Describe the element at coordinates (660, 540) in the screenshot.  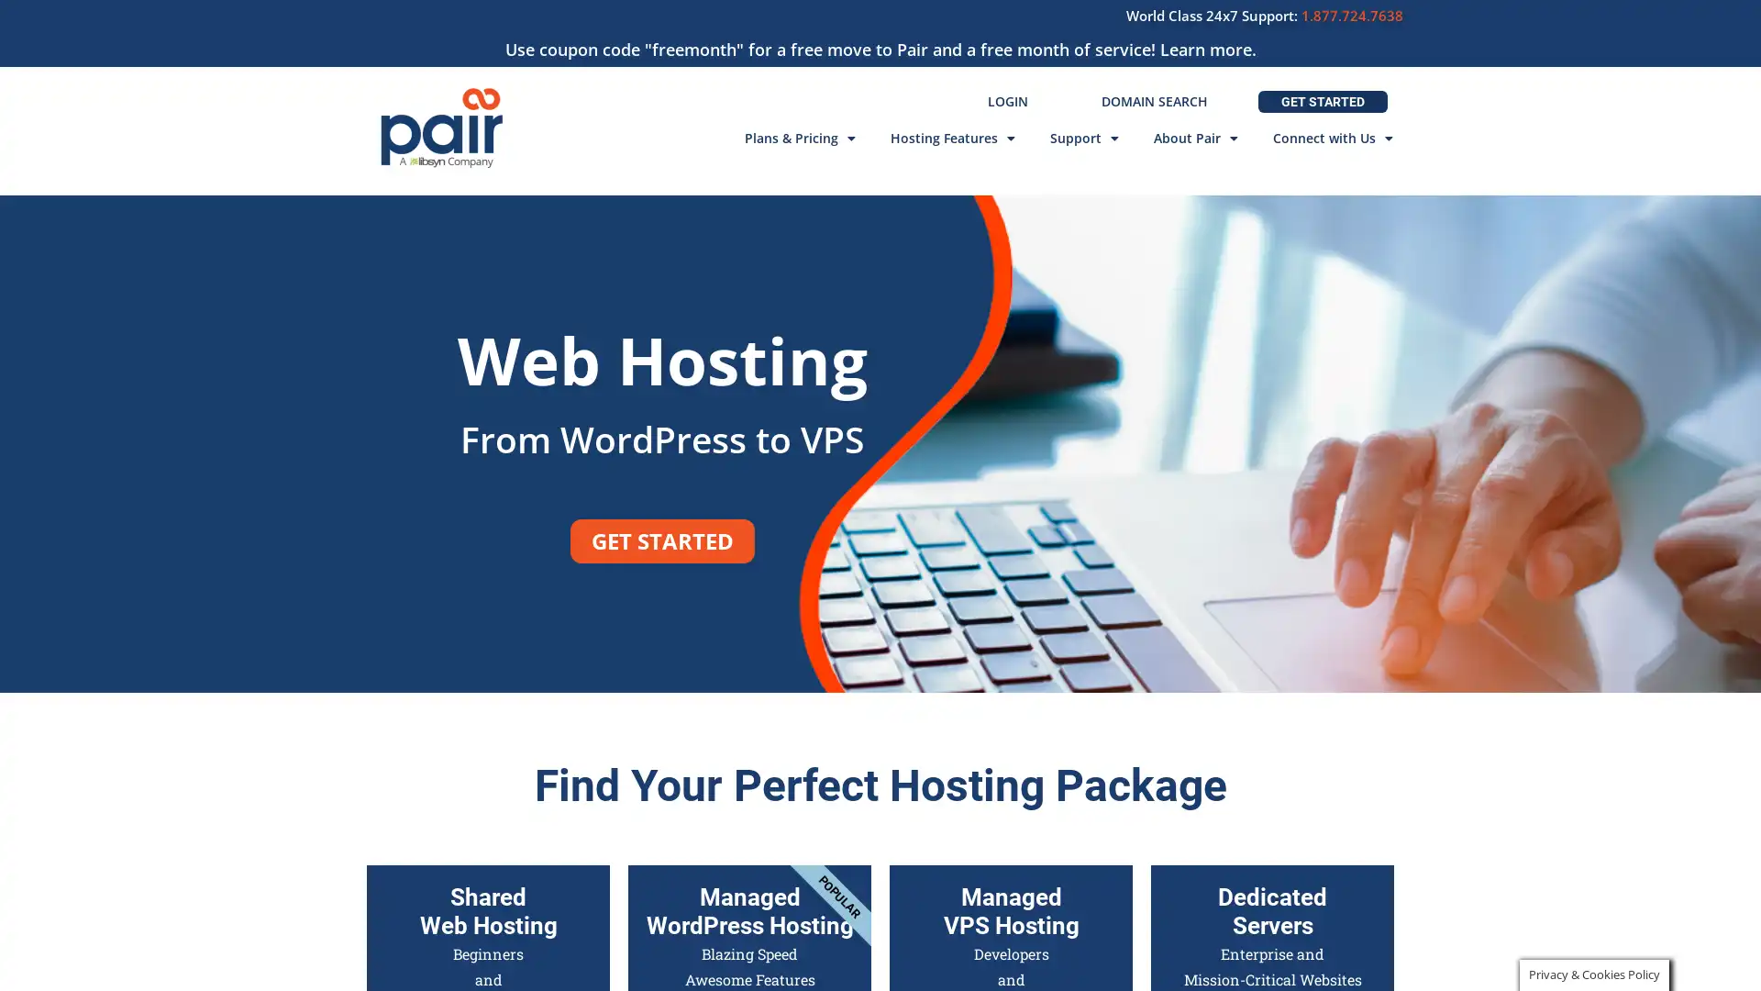
I see `GET STARTED` at that location.